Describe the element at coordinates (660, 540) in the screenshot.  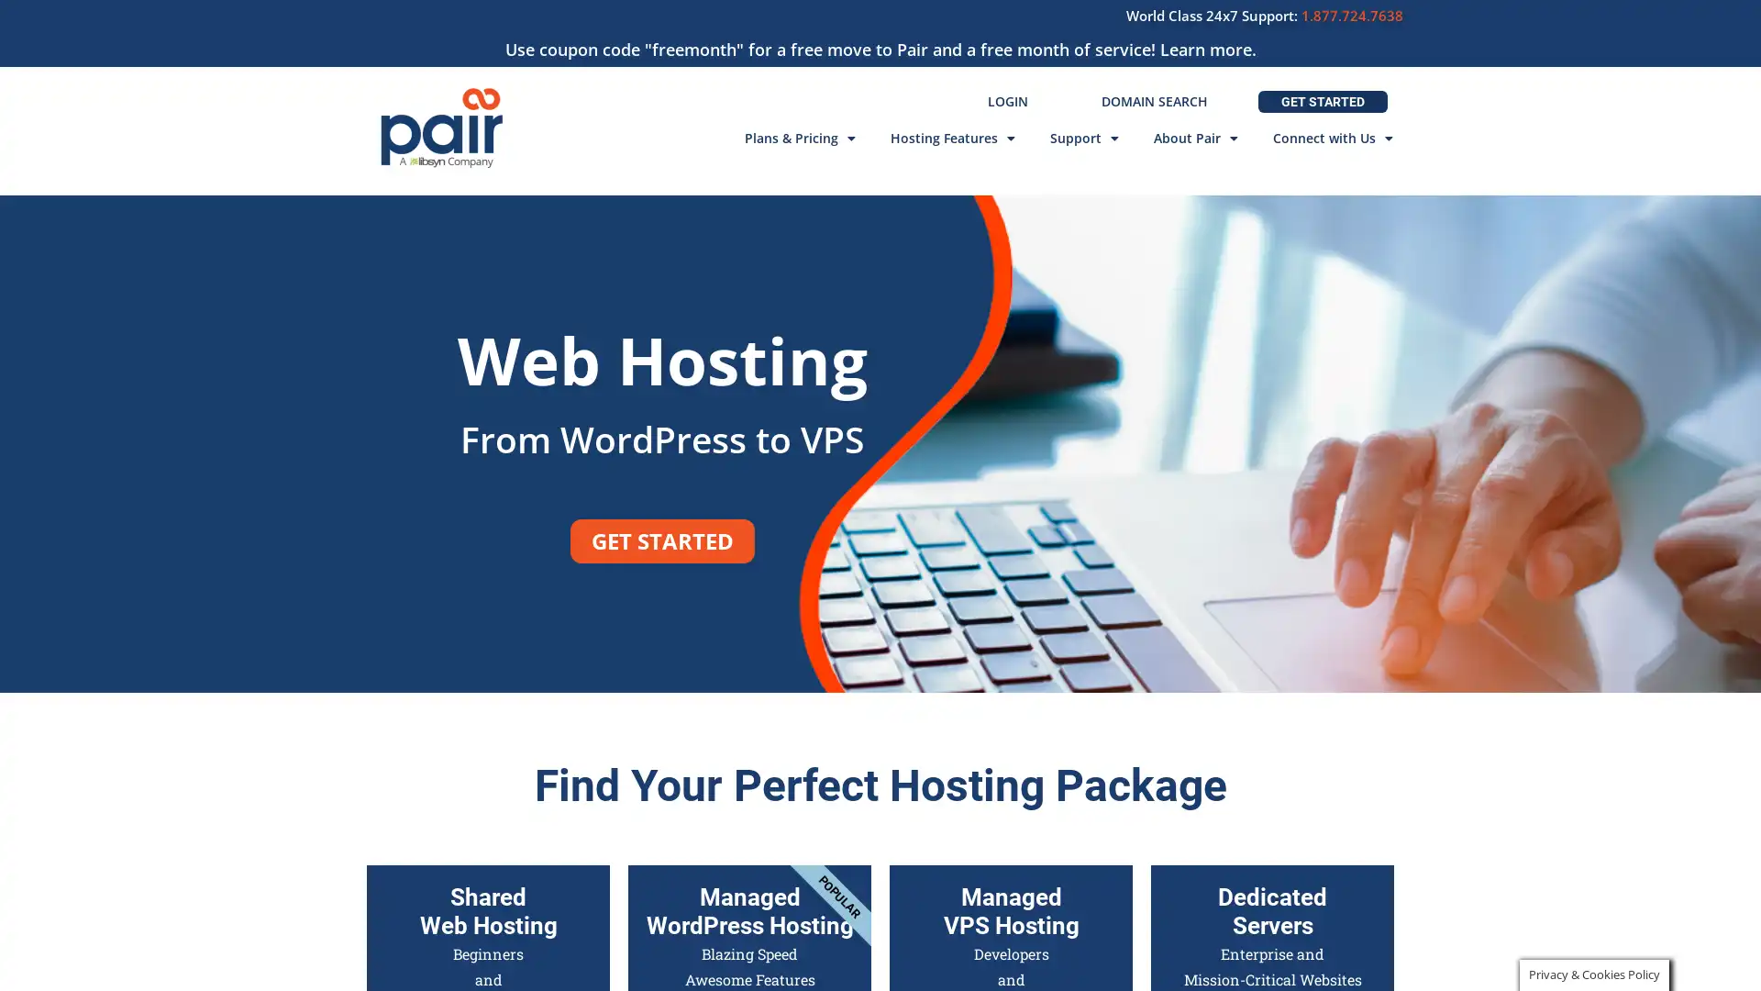
I see `GET STARTED` at that location.